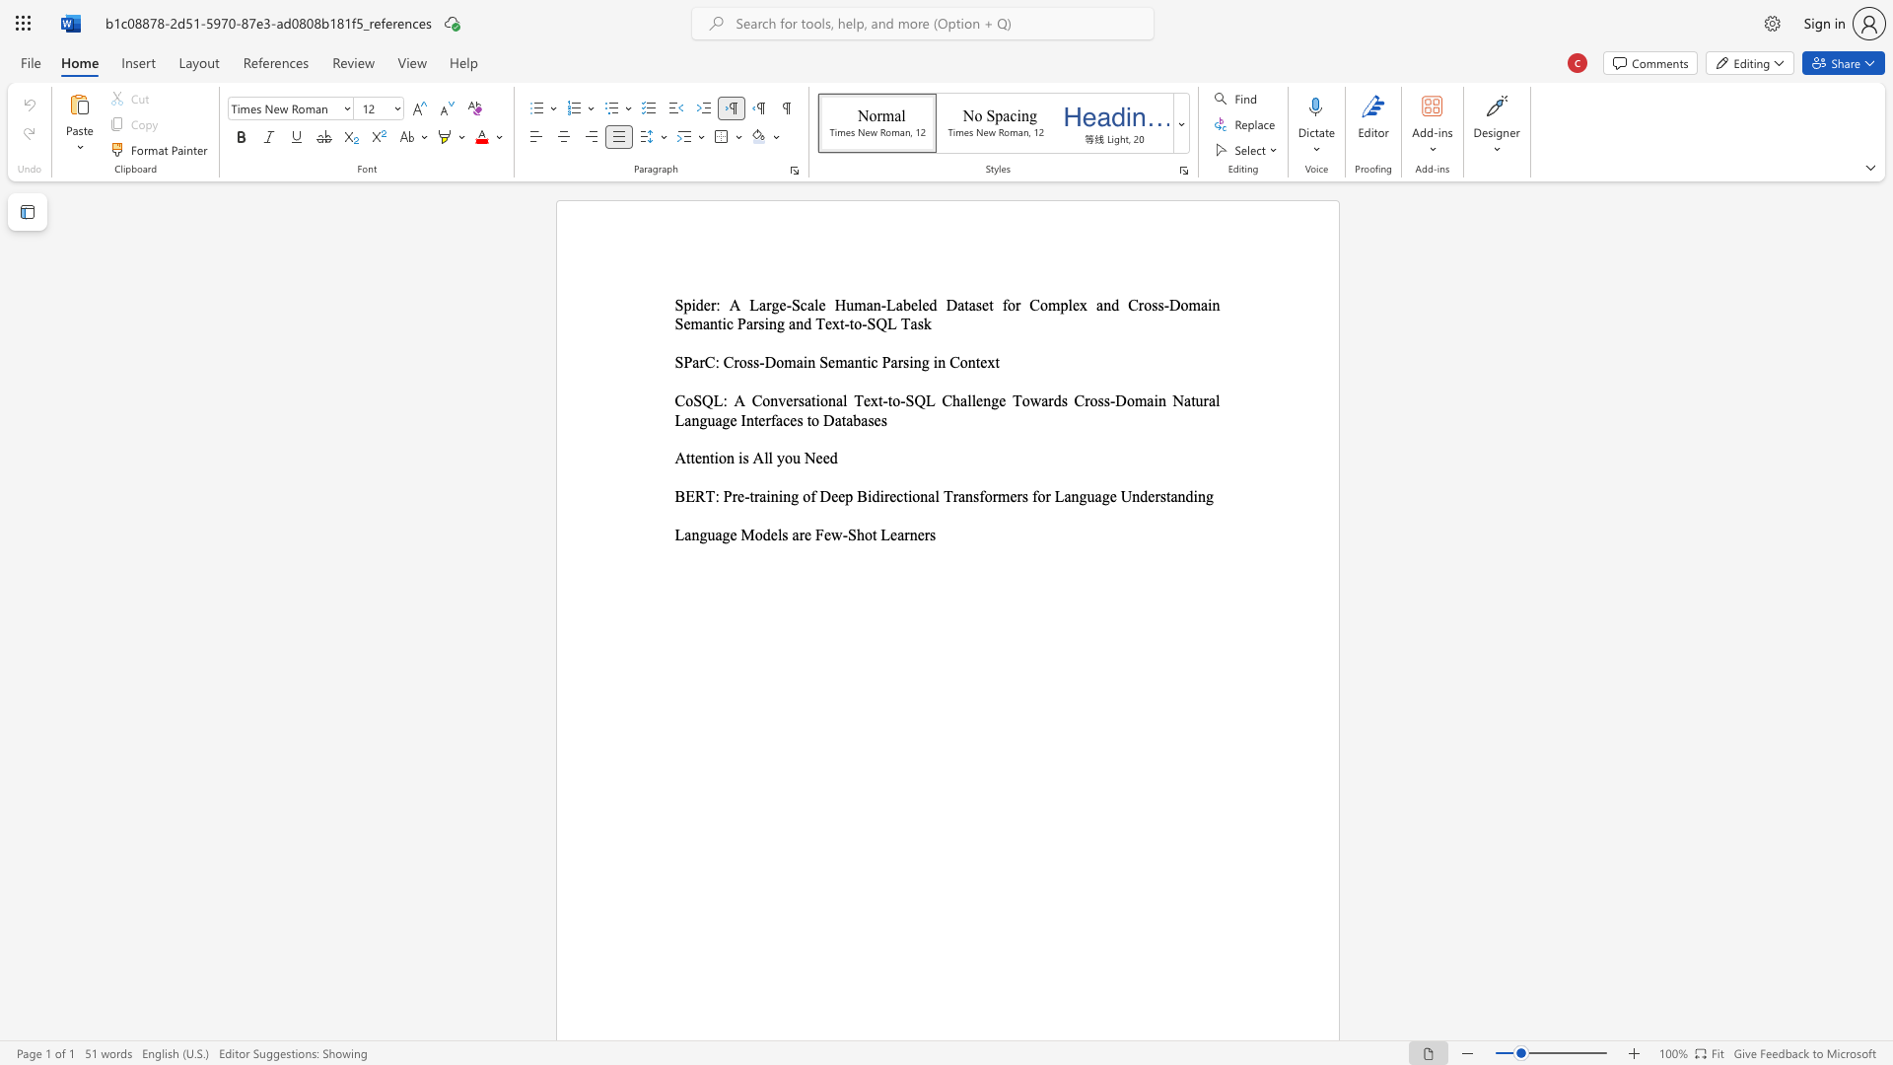 The height and width of the screenshot is (1065, 1893). I want to click on the 3th character "d" in the text, so click(1115, 305).